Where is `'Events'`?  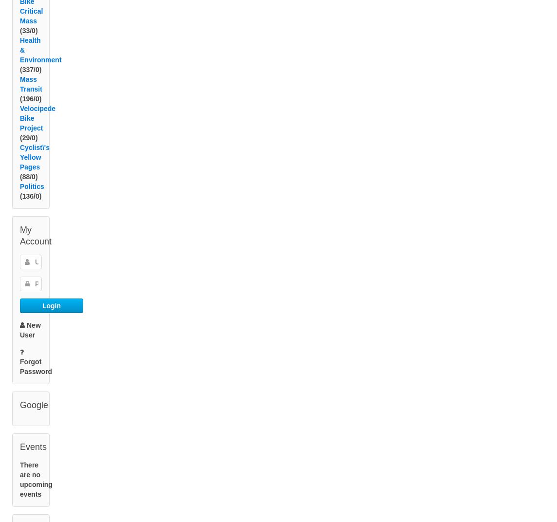 'Events' is located at coordinates (33, 458).